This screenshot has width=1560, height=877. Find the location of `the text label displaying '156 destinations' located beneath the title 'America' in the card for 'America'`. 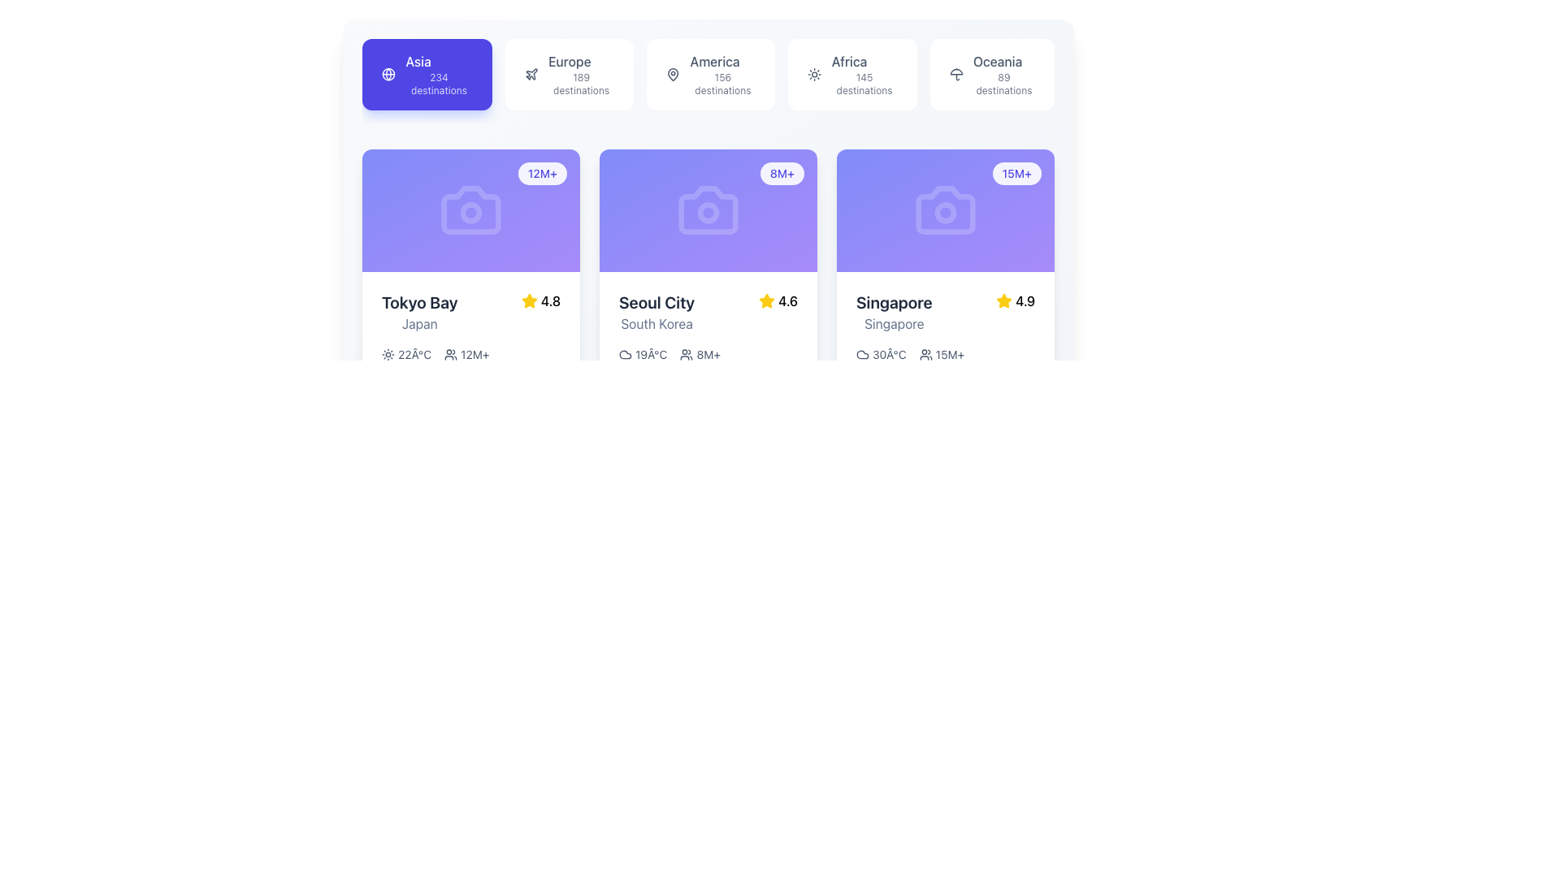

the text label displaying '156 destinations' located beneath the title 'America' in the card for 'America' is located at coordinates (721, 84).